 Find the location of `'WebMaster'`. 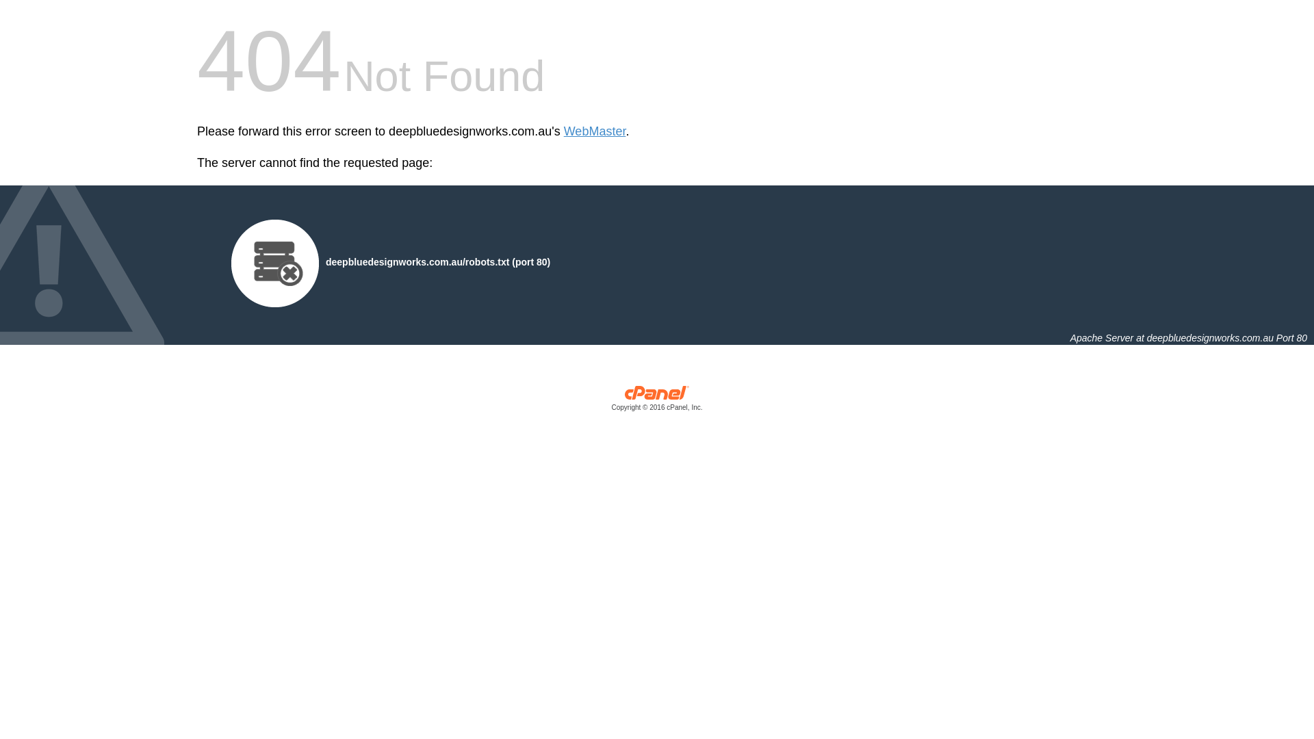

'WebMaster' is located at coordinates (595, 131).